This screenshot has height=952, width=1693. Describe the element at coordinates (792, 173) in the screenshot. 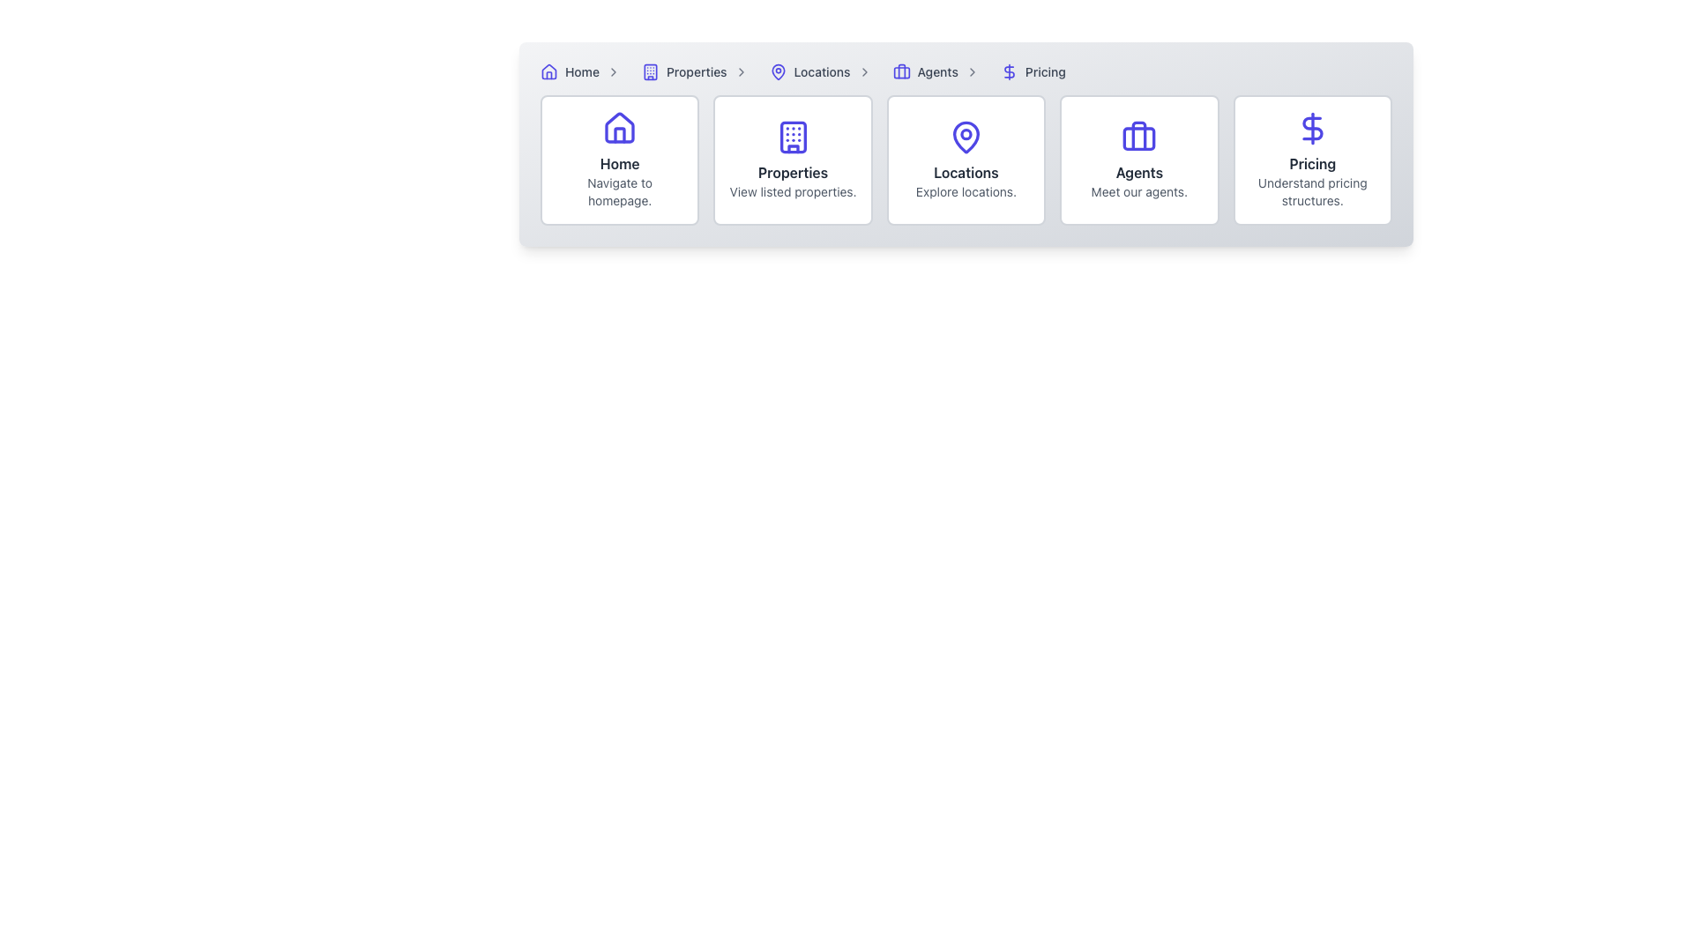

I see `bold text label 'Properties' which is centrally located in the second card of a sequence of similar cards, positioned at the upper-center of the page` at that location.